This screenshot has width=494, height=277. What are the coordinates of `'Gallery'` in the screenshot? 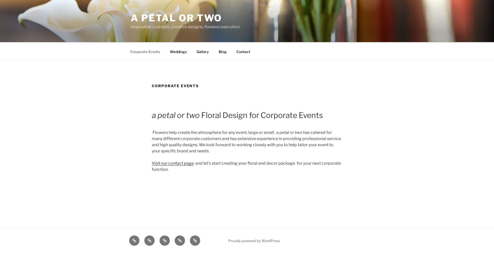 It's located at (164, 240).